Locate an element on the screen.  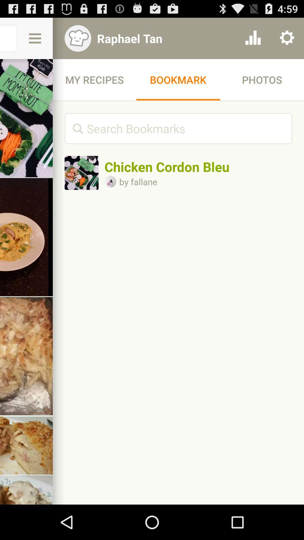
item above my recipes is located at coordinates (164, 38).